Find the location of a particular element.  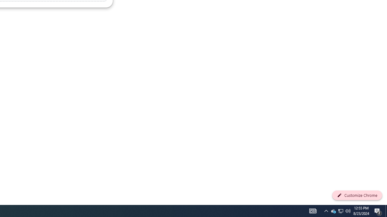

'User Promoted Notification Area' is located at coordinates (341, 210).